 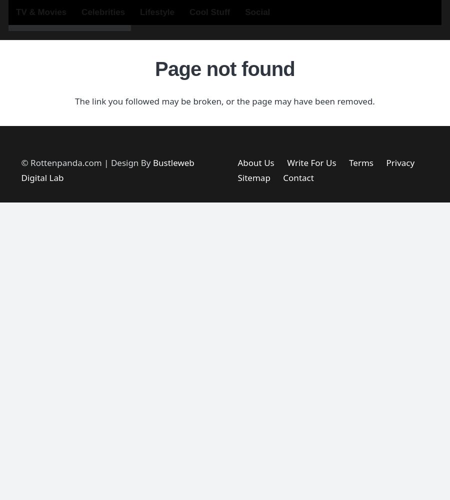 I want to click on 'Bustleweb Digital Lab', so click(x=20, y=169).